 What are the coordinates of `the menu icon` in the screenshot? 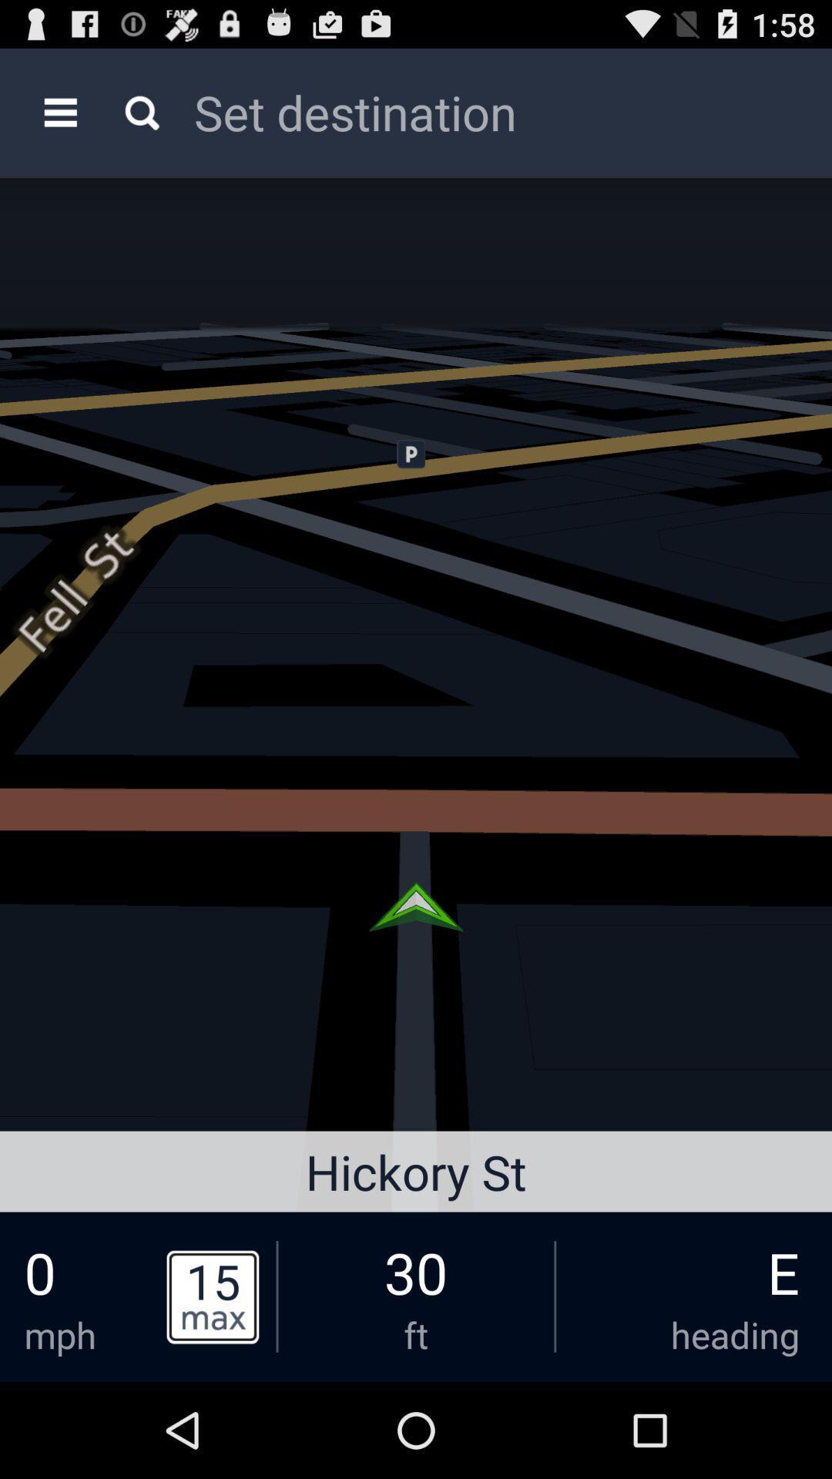 It's located at (59, 119).